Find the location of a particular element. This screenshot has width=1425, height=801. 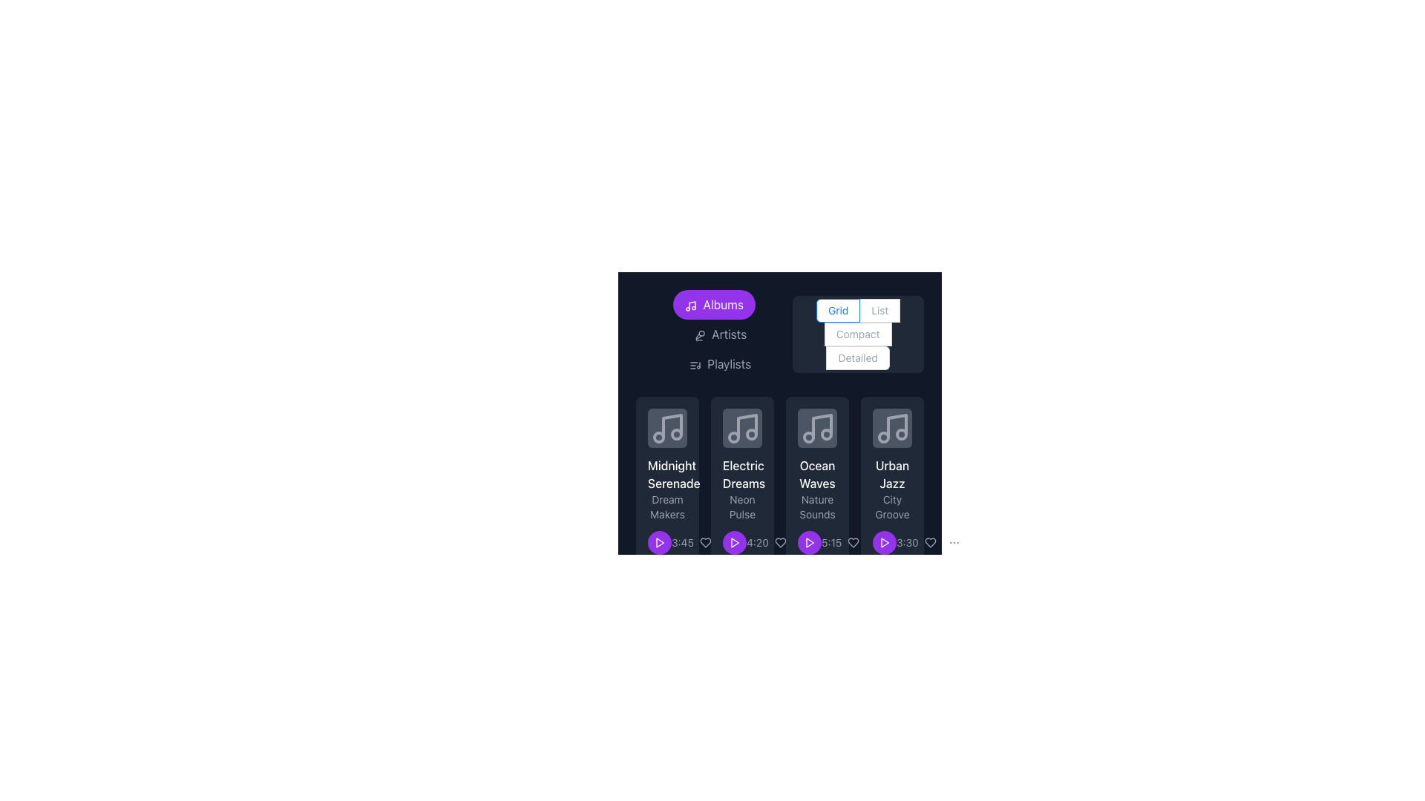

the 'Compact' radio button, which is the third option in a vertical group of four layout options located in the top-right portion of the interface is located at coordinates (858, 334).